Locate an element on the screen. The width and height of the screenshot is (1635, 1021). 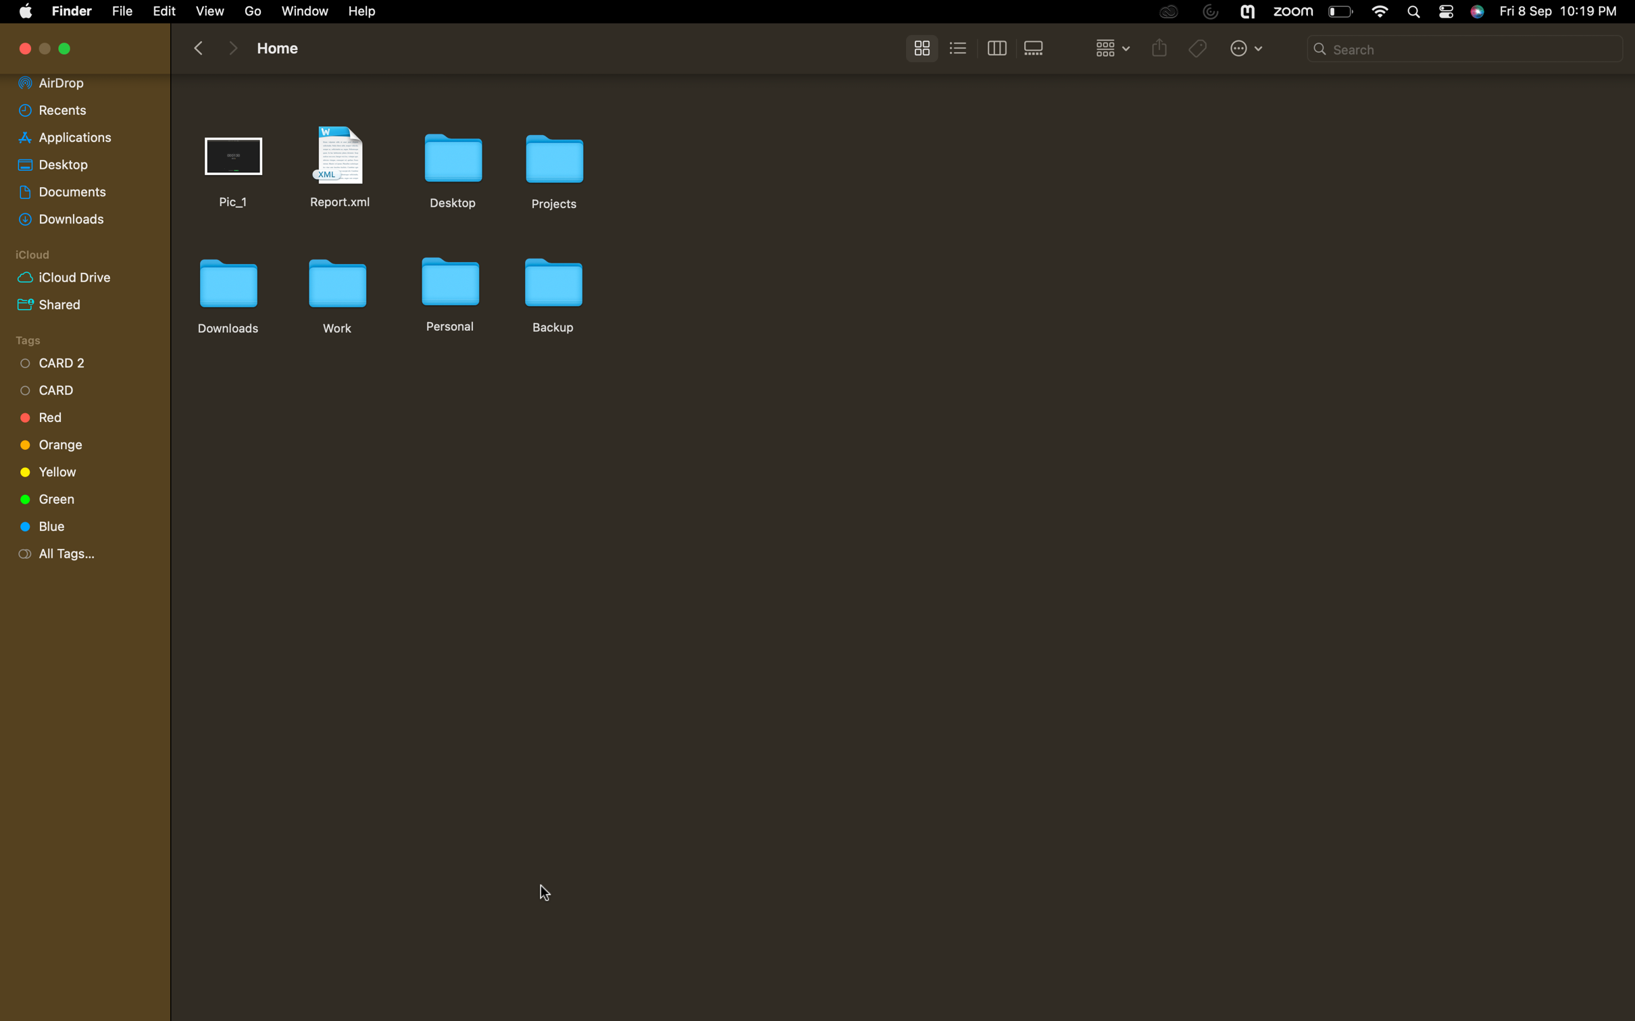
Switch to list view is located at coordinates (959, 47).